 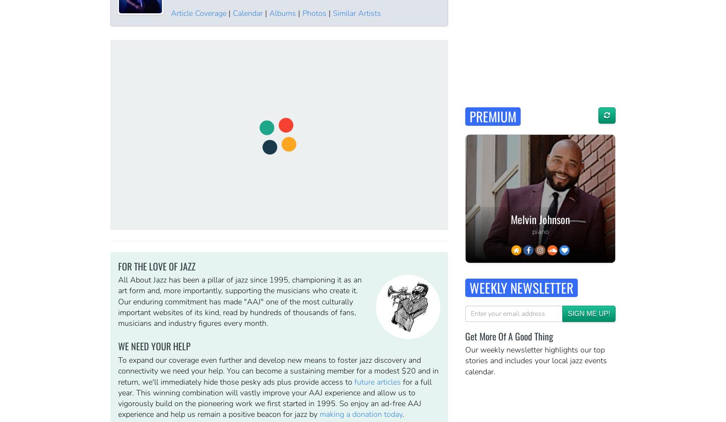 What do you see at coordinates (493, 116) in the screenshot?
I see `'Premium'` at bounding box center [493, 116].